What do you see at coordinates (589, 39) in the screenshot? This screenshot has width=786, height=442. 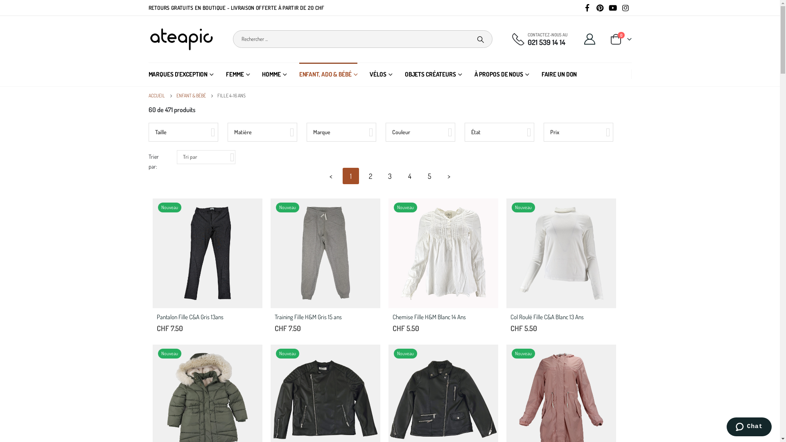 I see `'Mon compte'` at bounding box center [589, 39].